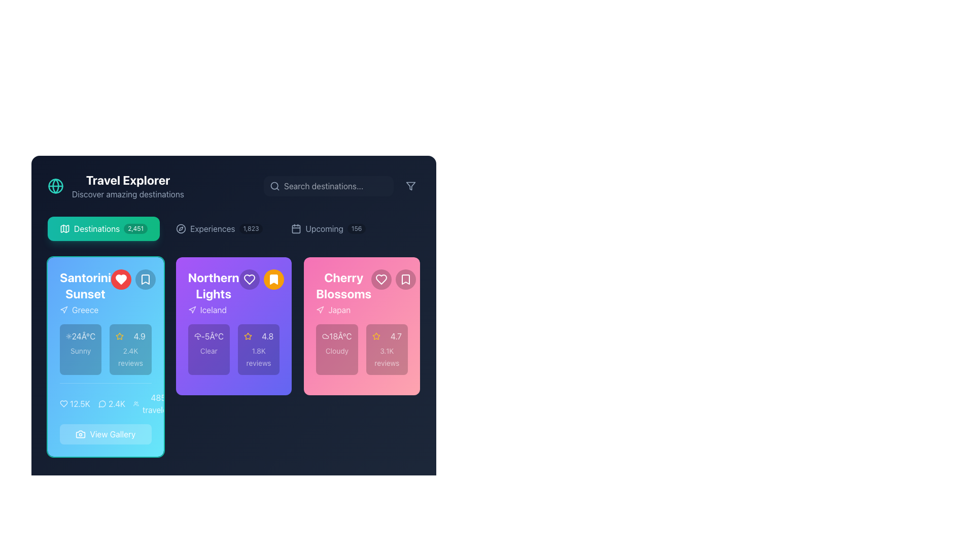  Describe the element at coordinates (181, 229) in the screenshot. I see `the compass-style icon within the 'Experiences' menu bar` at that location.